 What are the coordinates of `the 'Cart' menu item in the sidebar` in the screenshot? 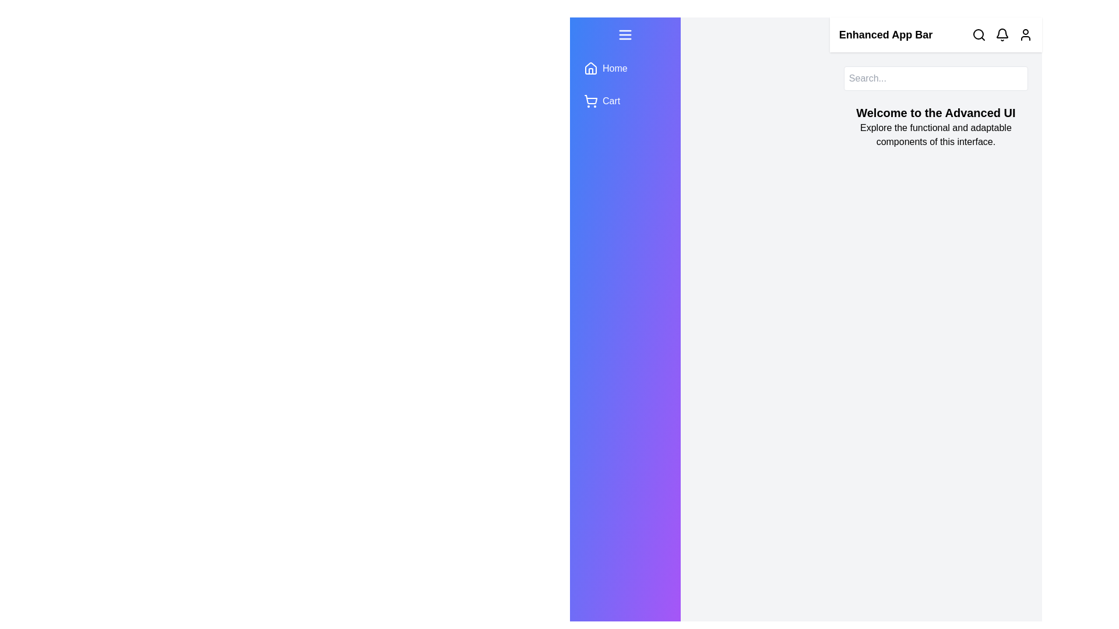 It's located at (624, 100).